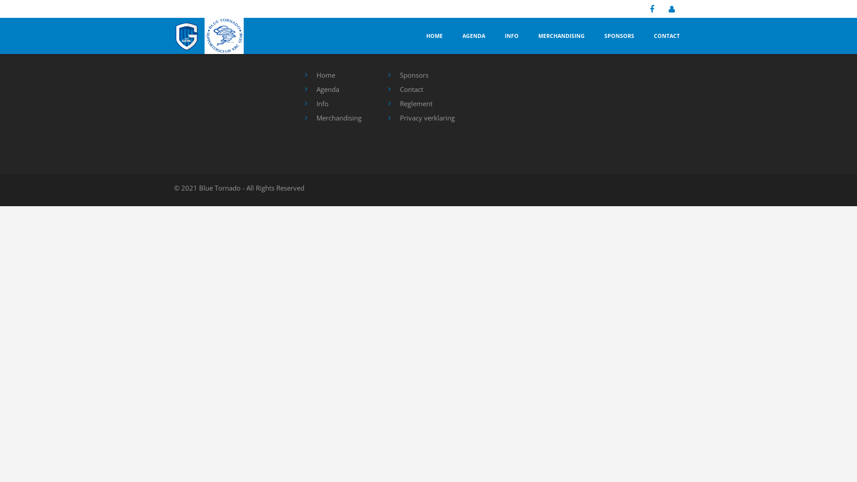 The height and width of the screenshot is (482, 857). What do you see at coordinates (427, 117) in the screenshot?
I see `'Privacy verklaring'` at bounding box center [427, 117].